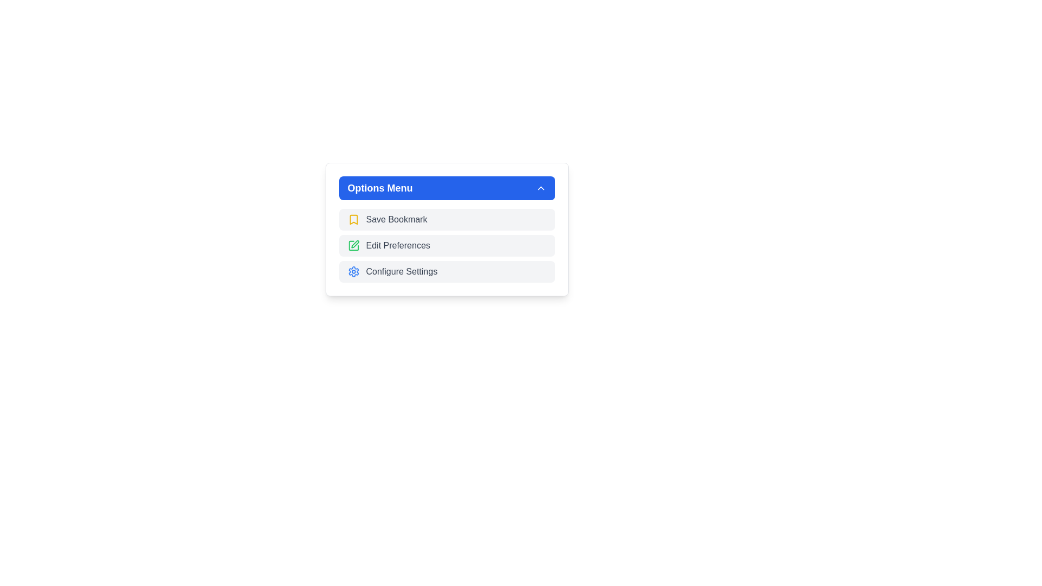 The width and height of the screenshot is (1042, 586). Describe the element at coordinates (447, 245) in the screenshot. I see `the 'Edit Preferences' button, which is the second menu item in the 'Options Menu'` at that location.